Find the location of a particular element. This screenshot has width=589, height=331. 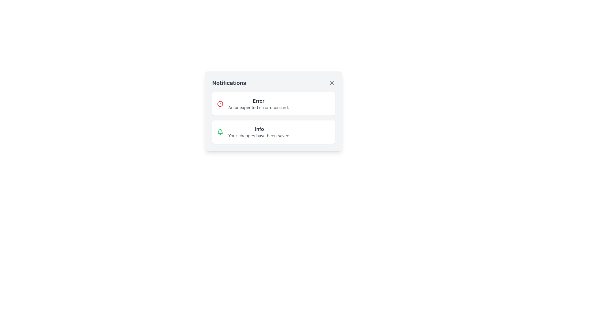

the text element displaying 'Your changes have been saved.' located near the bottom of the second notification card in the notification panel is located at coordinates (259, 135).